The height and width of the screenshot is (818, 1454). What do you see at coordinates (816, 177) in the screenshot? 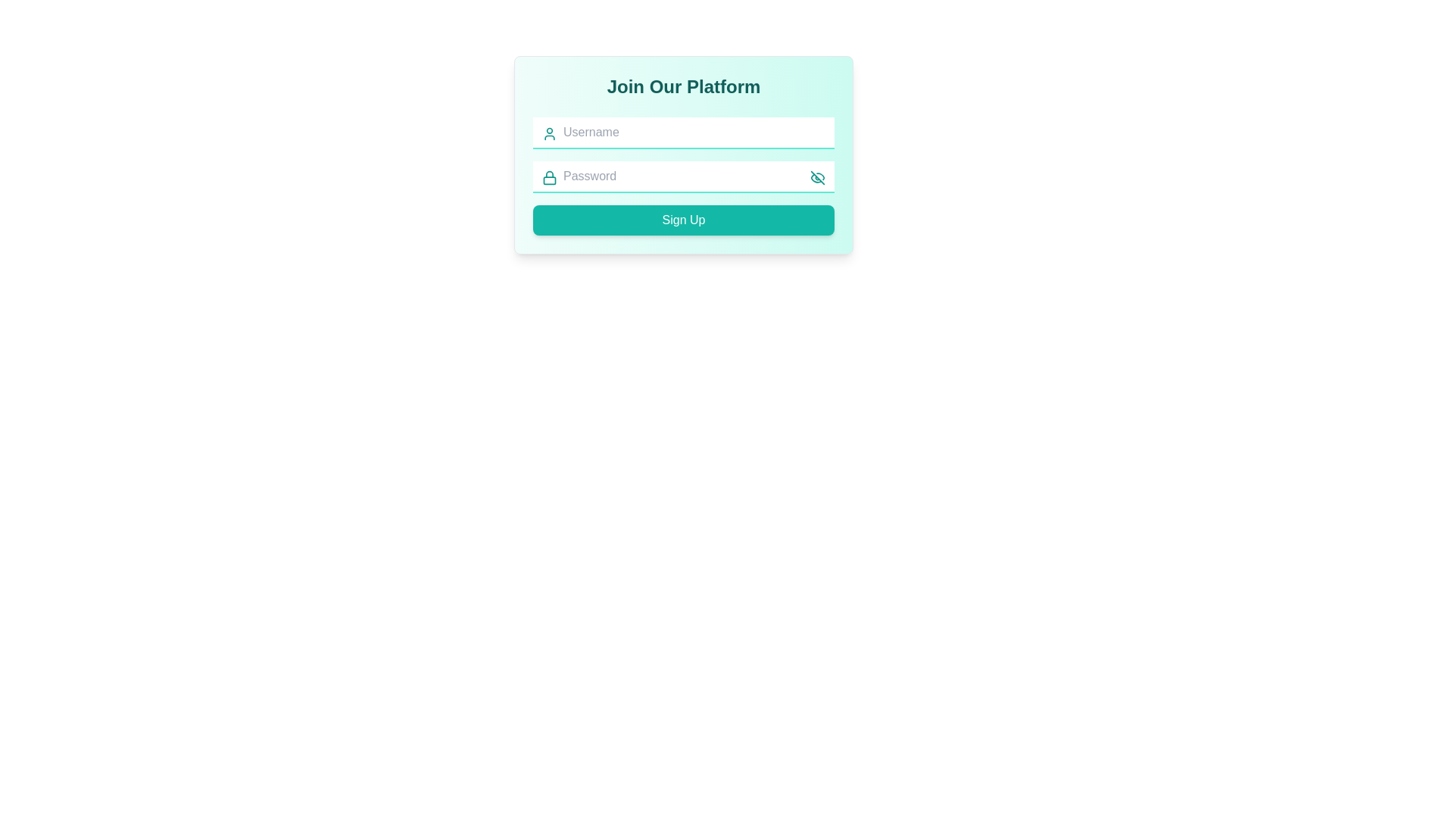
I see `the third component of the eye-off icon, which is located to the far right of the password input field, to toggle the visibility of the sensitive input` at bounding box center [816, 177].